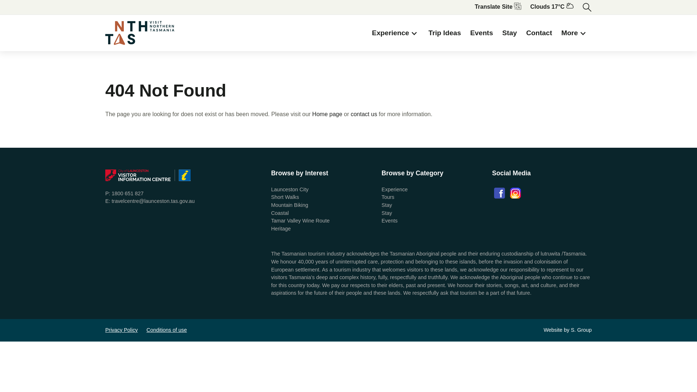  I want to click on 'More', so click(574, 33).